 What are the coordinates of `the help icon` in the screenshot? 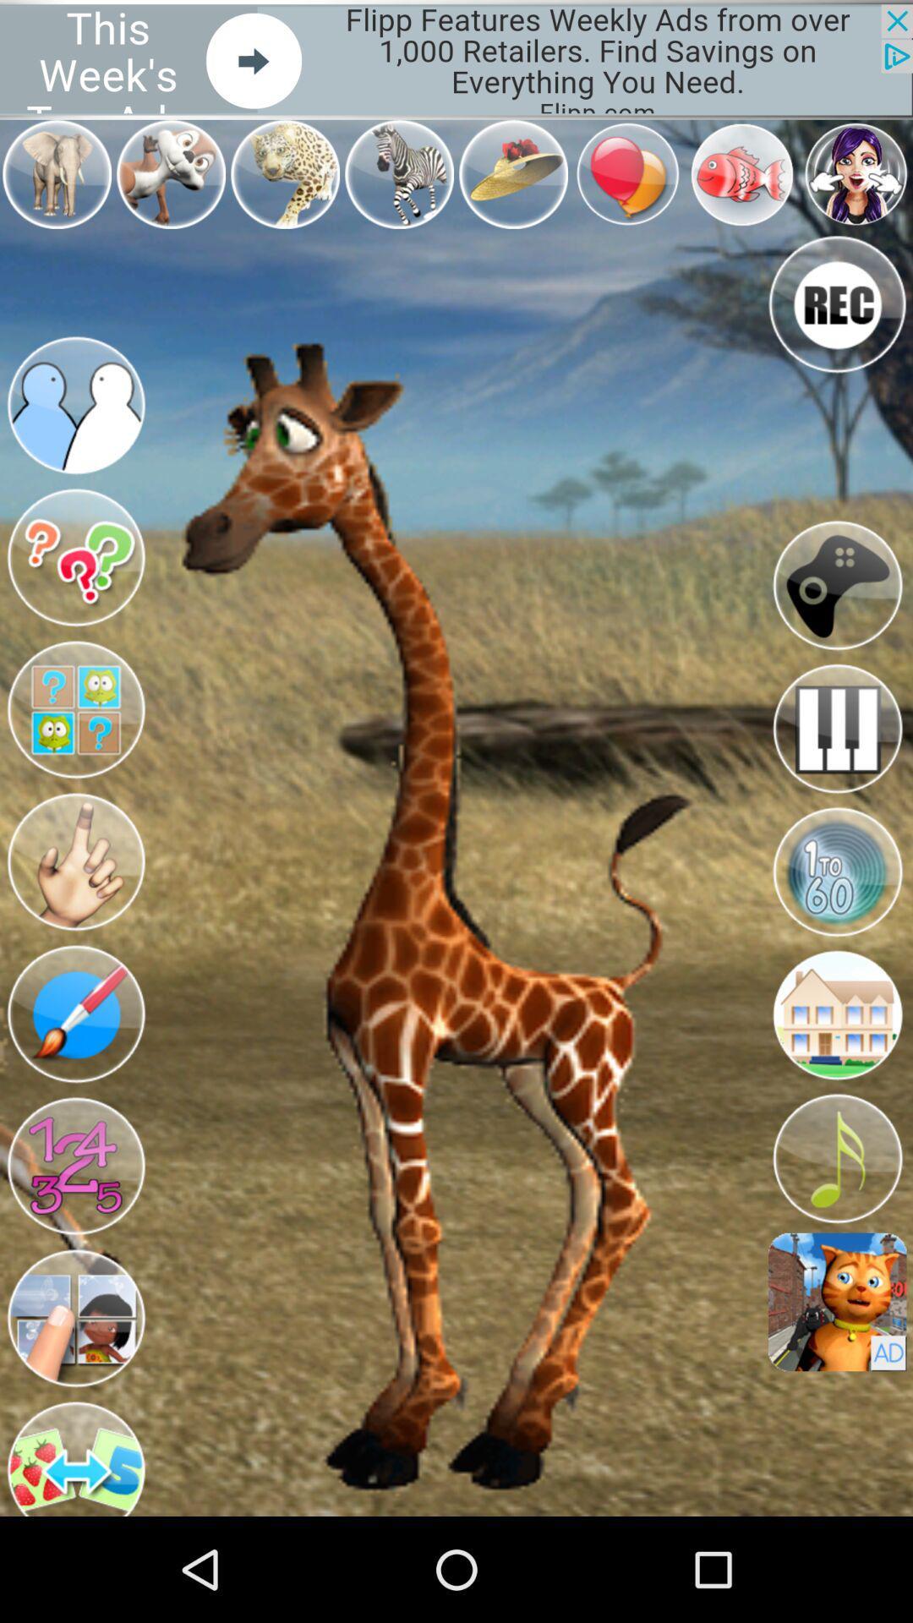 It's located at (74, 597).